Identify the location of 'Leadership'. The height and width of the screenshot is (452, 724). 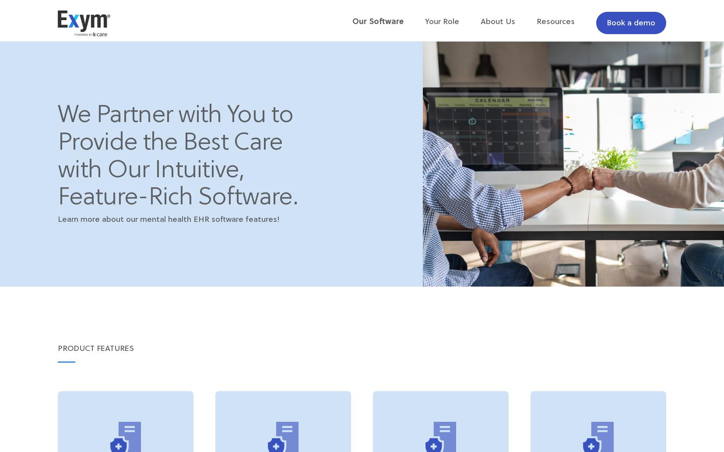
(646, 55).